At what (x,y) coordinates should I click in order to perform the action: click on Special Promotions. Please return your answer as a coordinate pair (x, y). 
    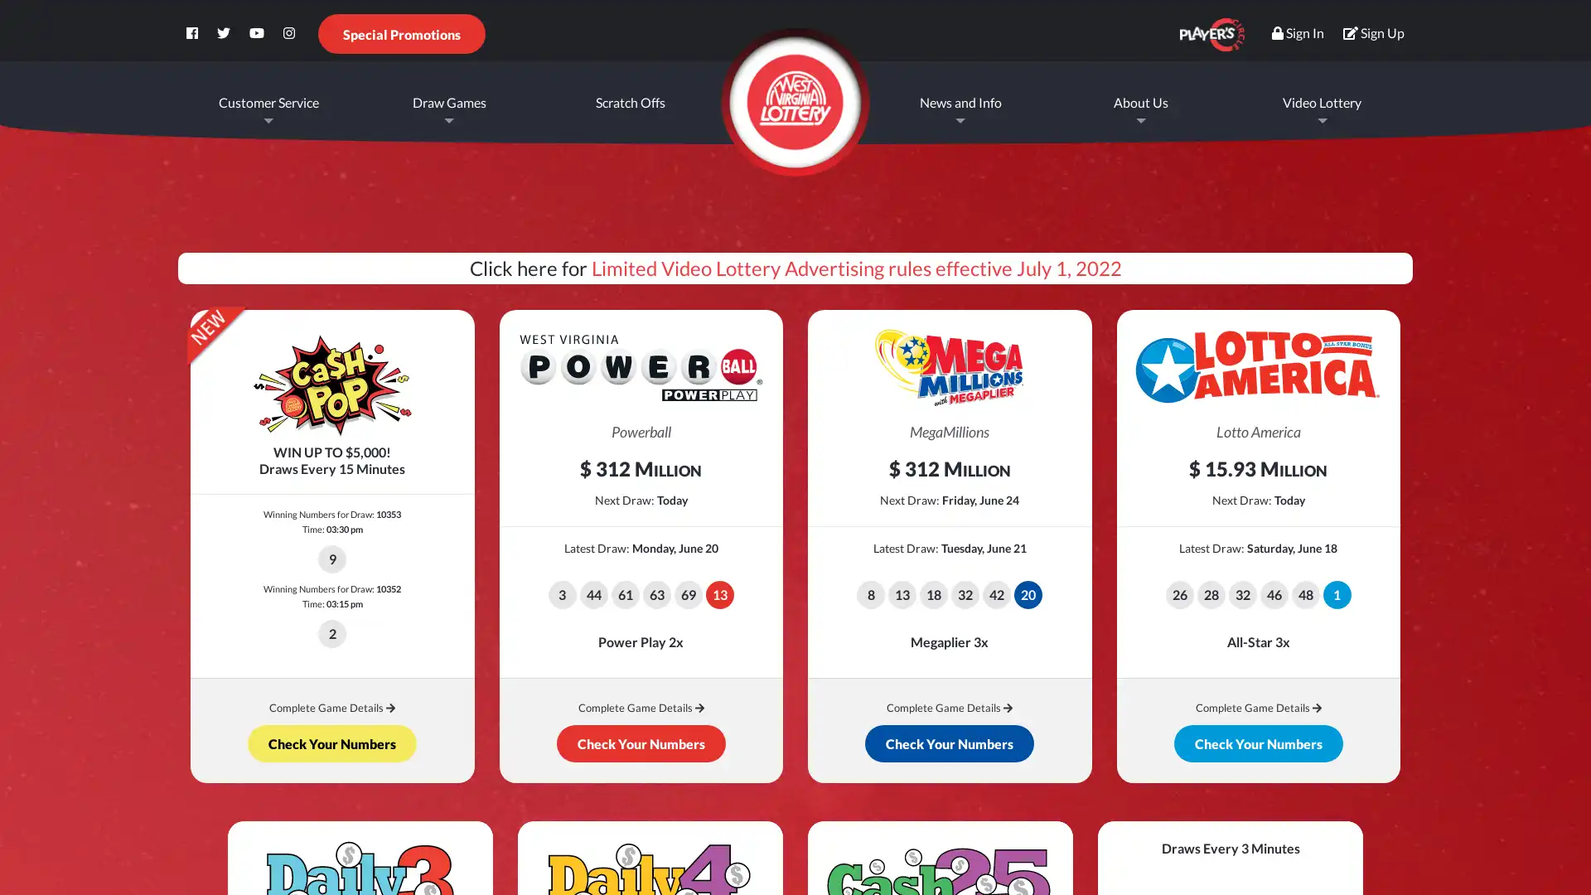
    Looking at the image, I should click on (401, 34).